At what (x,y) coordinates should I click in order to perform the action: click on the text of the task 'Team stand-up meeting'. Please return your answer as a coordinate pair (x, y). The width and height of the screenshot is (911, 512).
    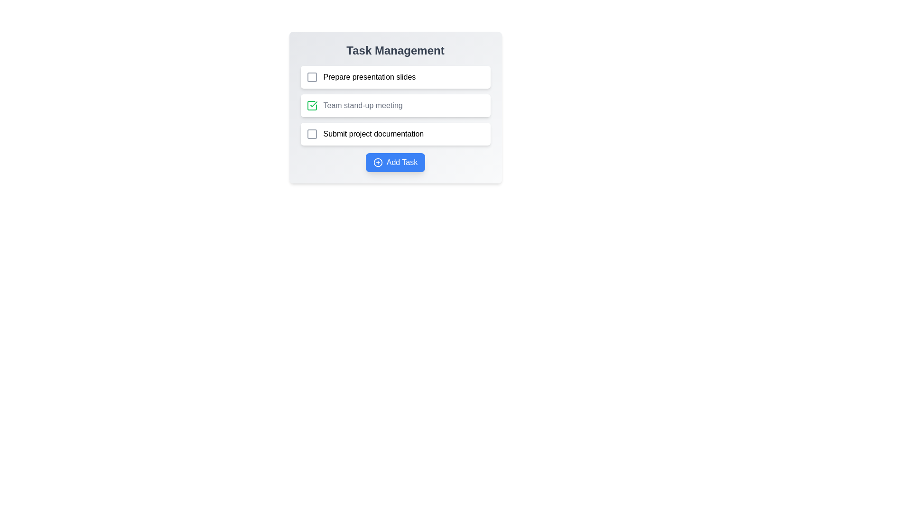
    Looking at the image, I should click on (363, 106).